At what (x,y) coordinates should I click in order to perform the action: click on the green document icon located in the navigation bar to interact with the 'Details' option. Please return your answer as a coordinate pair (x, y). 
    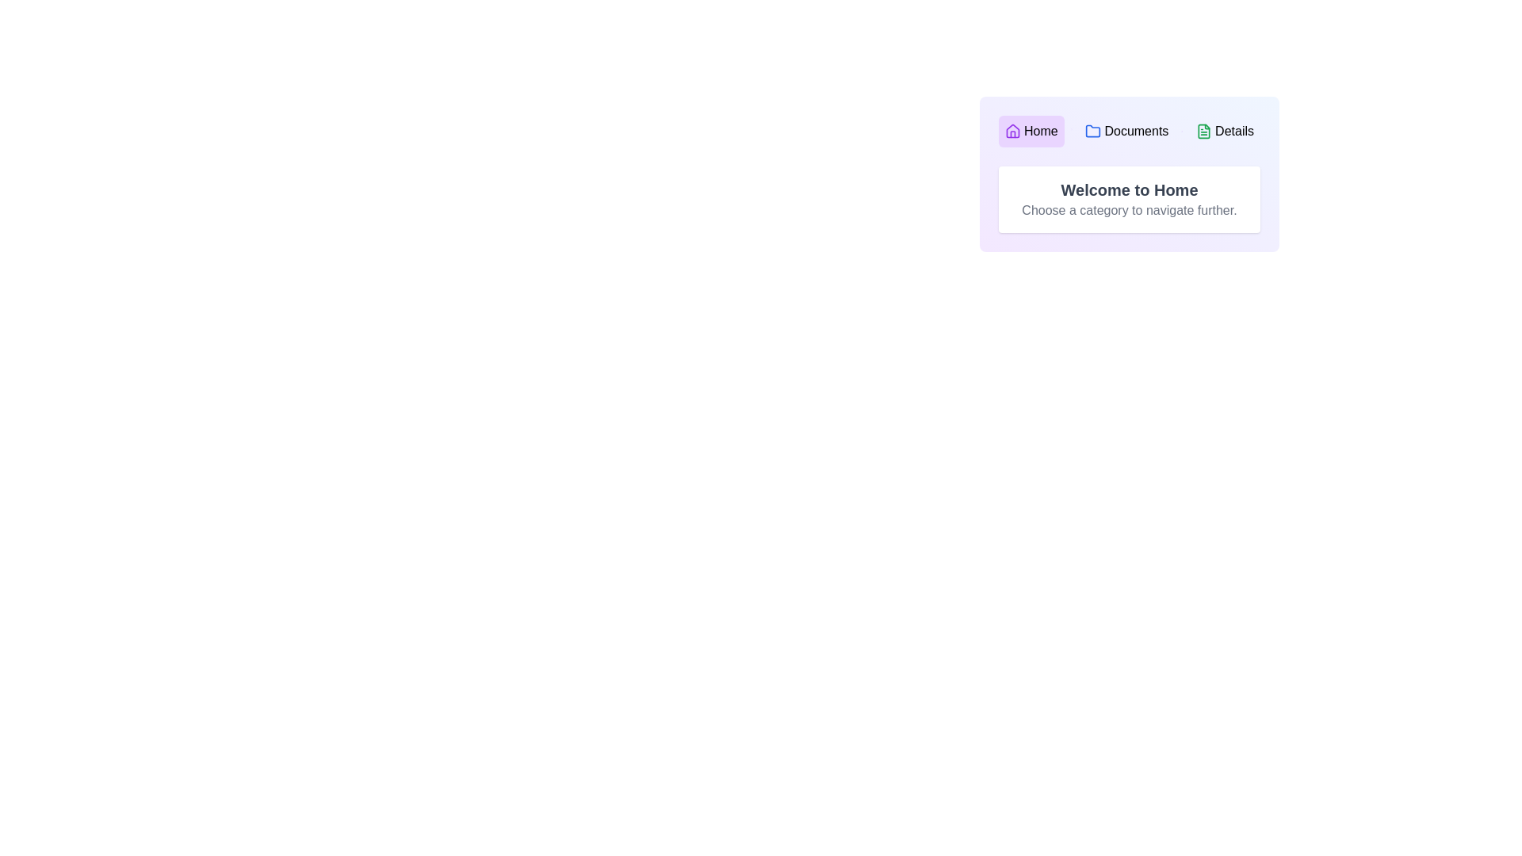
    Looking at the image, I should click on (1204, 130).